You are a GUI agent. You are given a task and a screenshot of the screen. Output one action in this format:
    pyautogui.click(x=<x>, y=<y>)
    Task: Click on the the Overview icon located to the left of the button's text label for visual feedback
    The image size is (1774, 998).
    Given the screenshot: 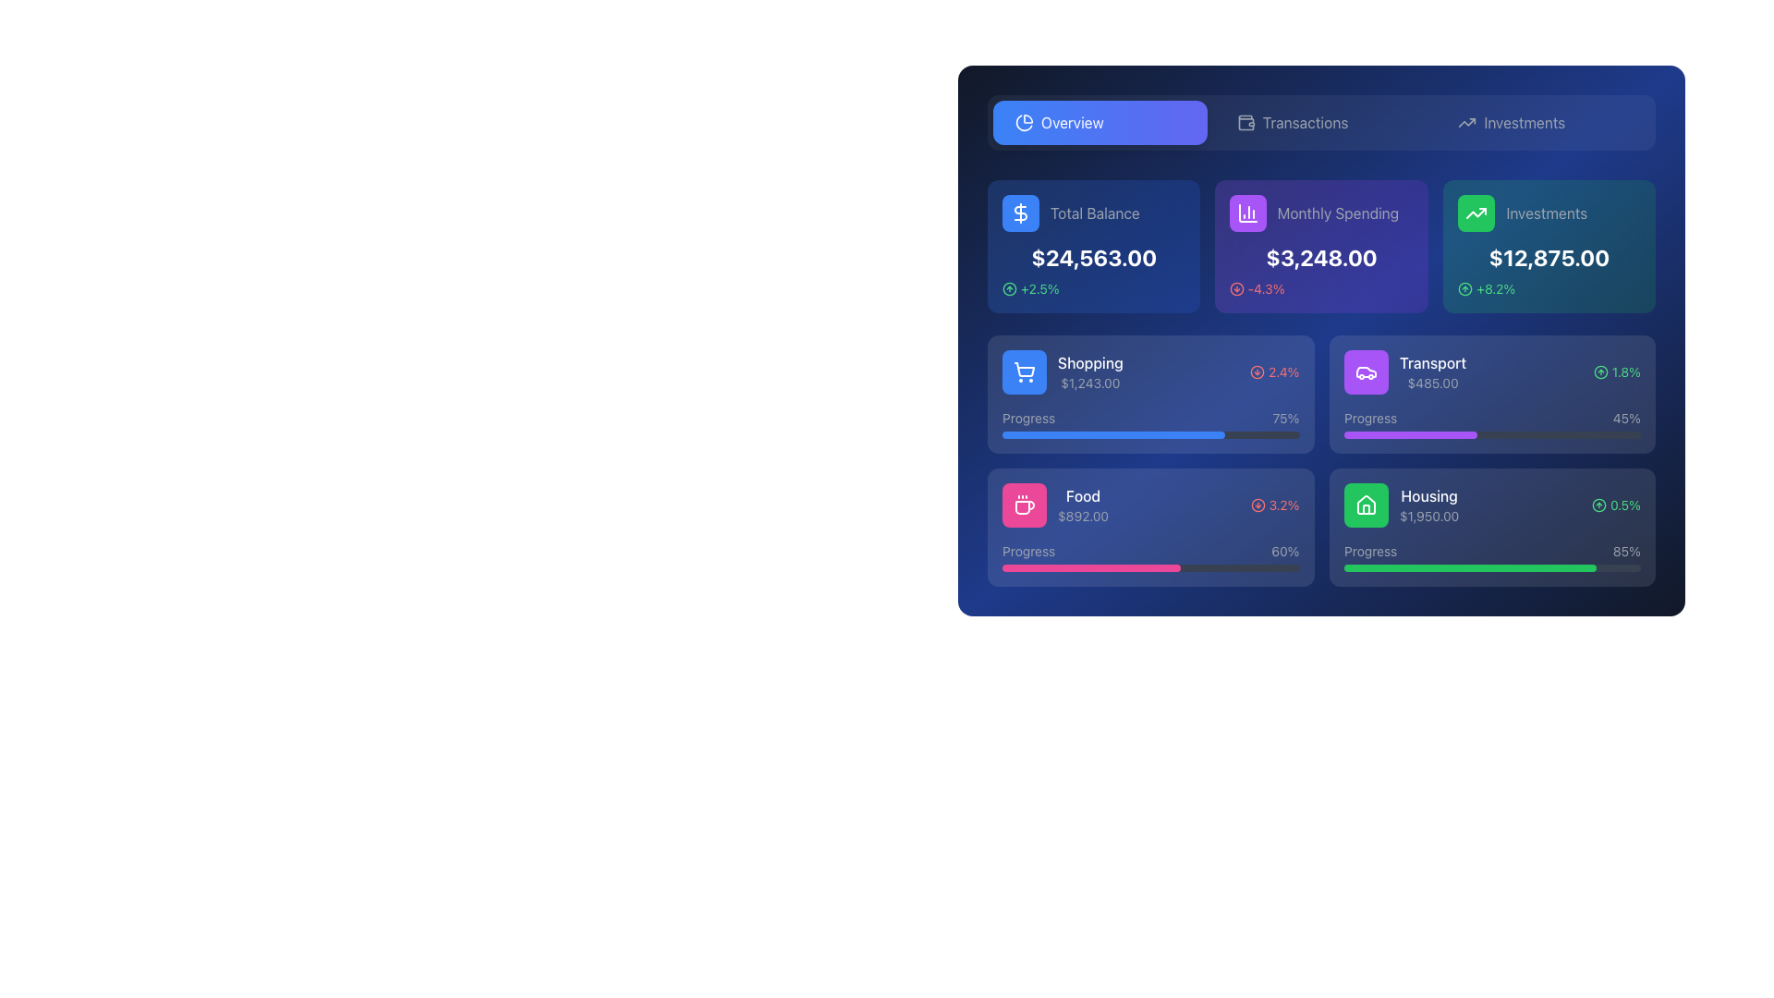 What is the action you would take?
    pyautogui.click(x=1023, y=122)
    